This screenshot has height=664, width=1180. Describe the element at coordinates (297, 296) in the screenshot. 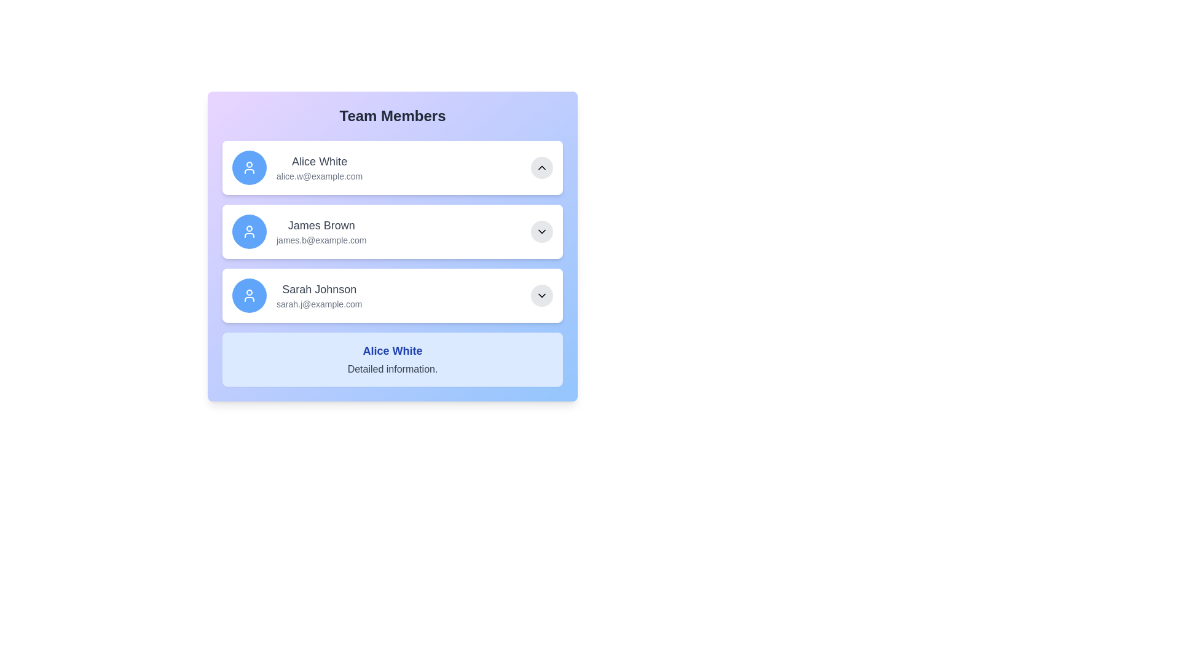

I see `the Profile List Item displaying the profile information of Sarah Johnson, which is the third item under the 'Team Members' header` at that location.